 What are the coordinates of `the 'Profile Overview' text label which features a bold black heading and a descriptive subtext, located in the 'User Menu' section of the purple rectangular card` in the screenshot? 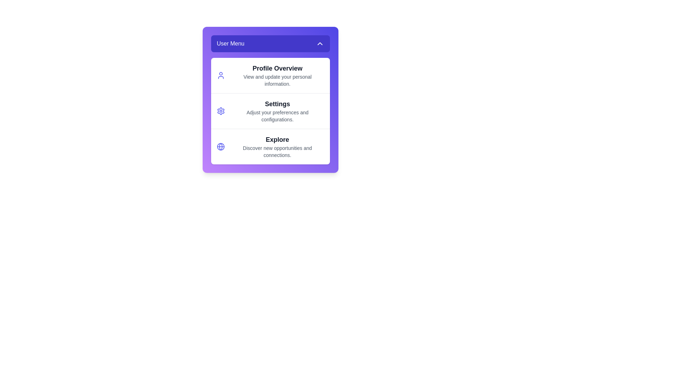 It's located at (277, 75).